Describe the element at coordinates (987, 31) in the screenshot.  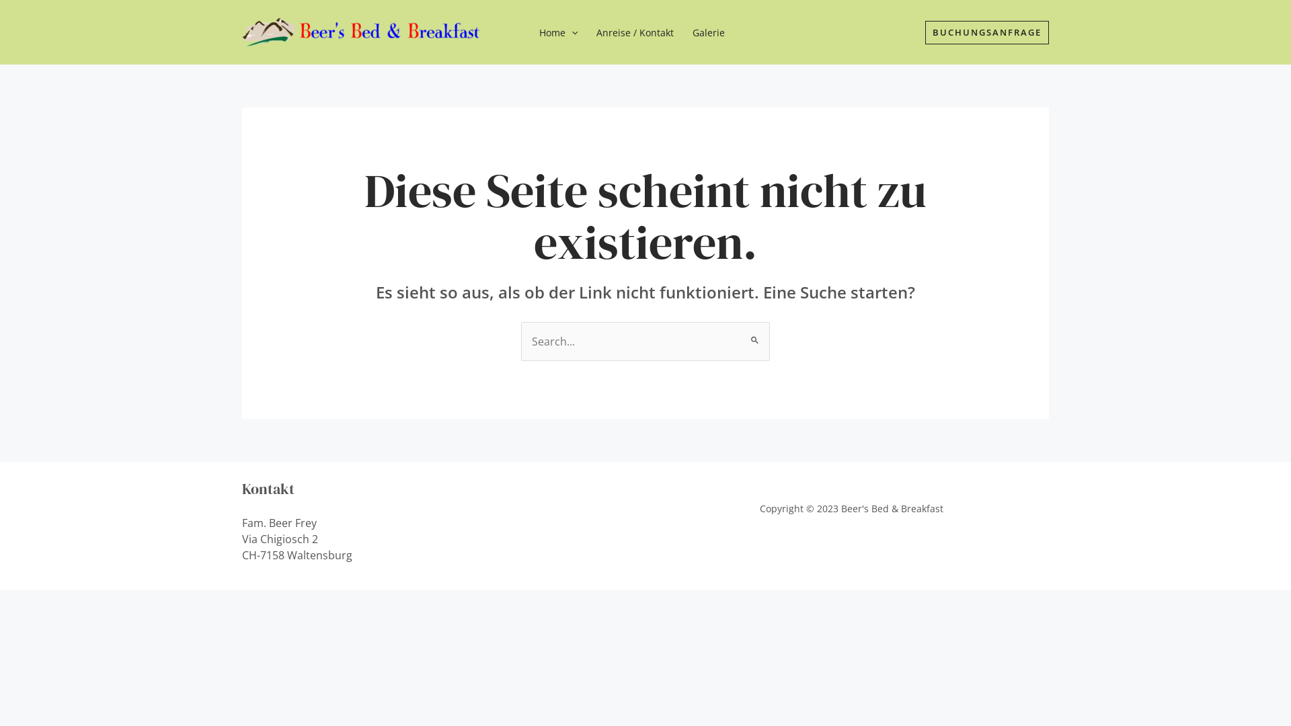
I see `'BUCHUNGSANFRAGE'` at that location.